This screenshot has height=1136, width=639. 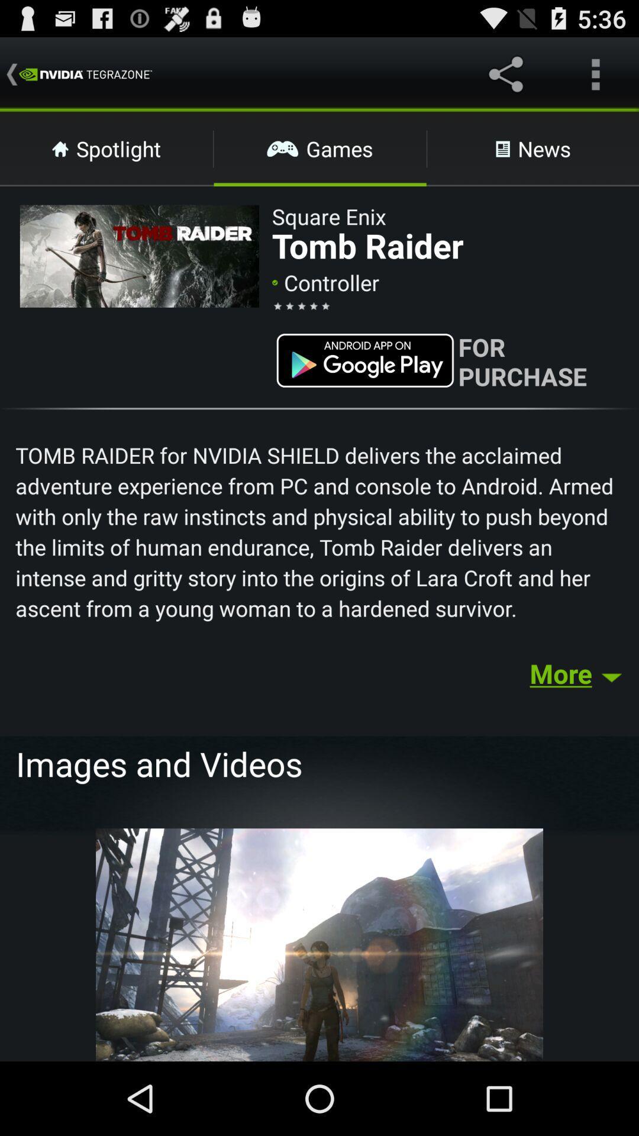 I want to click on the image which is above the navigation bar, so click(x=319, y=943).